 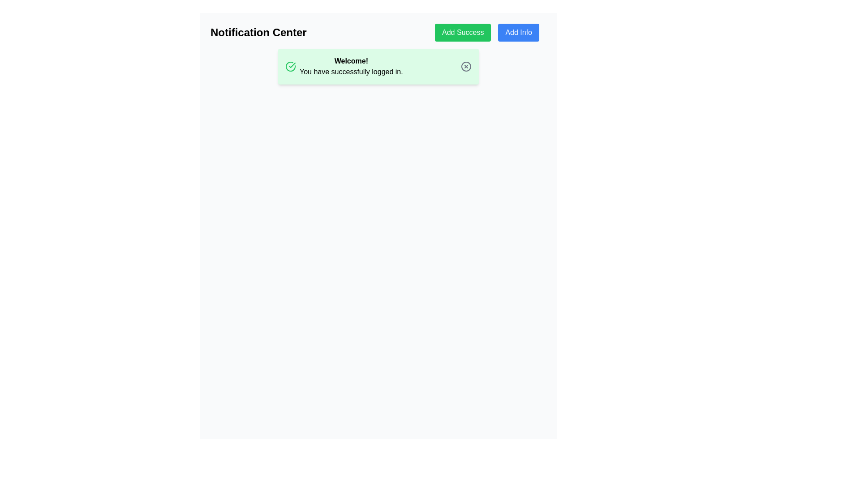 What do you see at coordinates (378, 66) in the screenshot?
I see `the Notification Box that informs the user about a successful login action, which is centrally aligned below the 'Notification Center' header and the 'Add Success' and 'Add Info' buttons` at bounding box center [378, 66].